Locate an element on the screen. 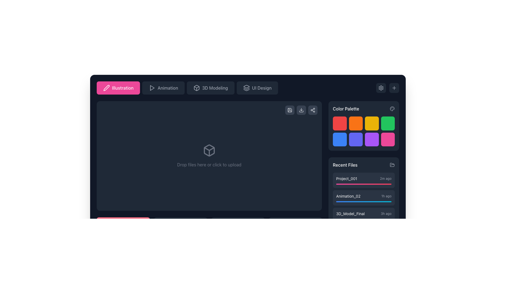  the 3D modeling button located in the horizontal navigation bar is located at coordinates (210, 87).